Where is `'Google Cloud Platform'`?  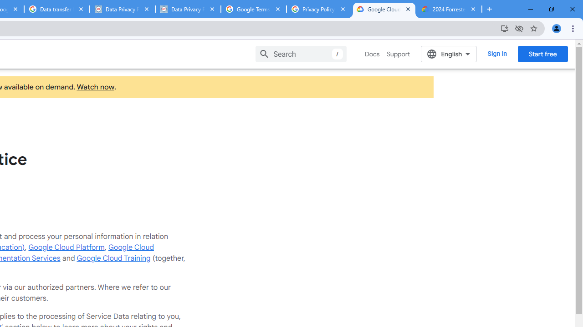 'Google Cloud Platform' is located at coordinates (66, 248).